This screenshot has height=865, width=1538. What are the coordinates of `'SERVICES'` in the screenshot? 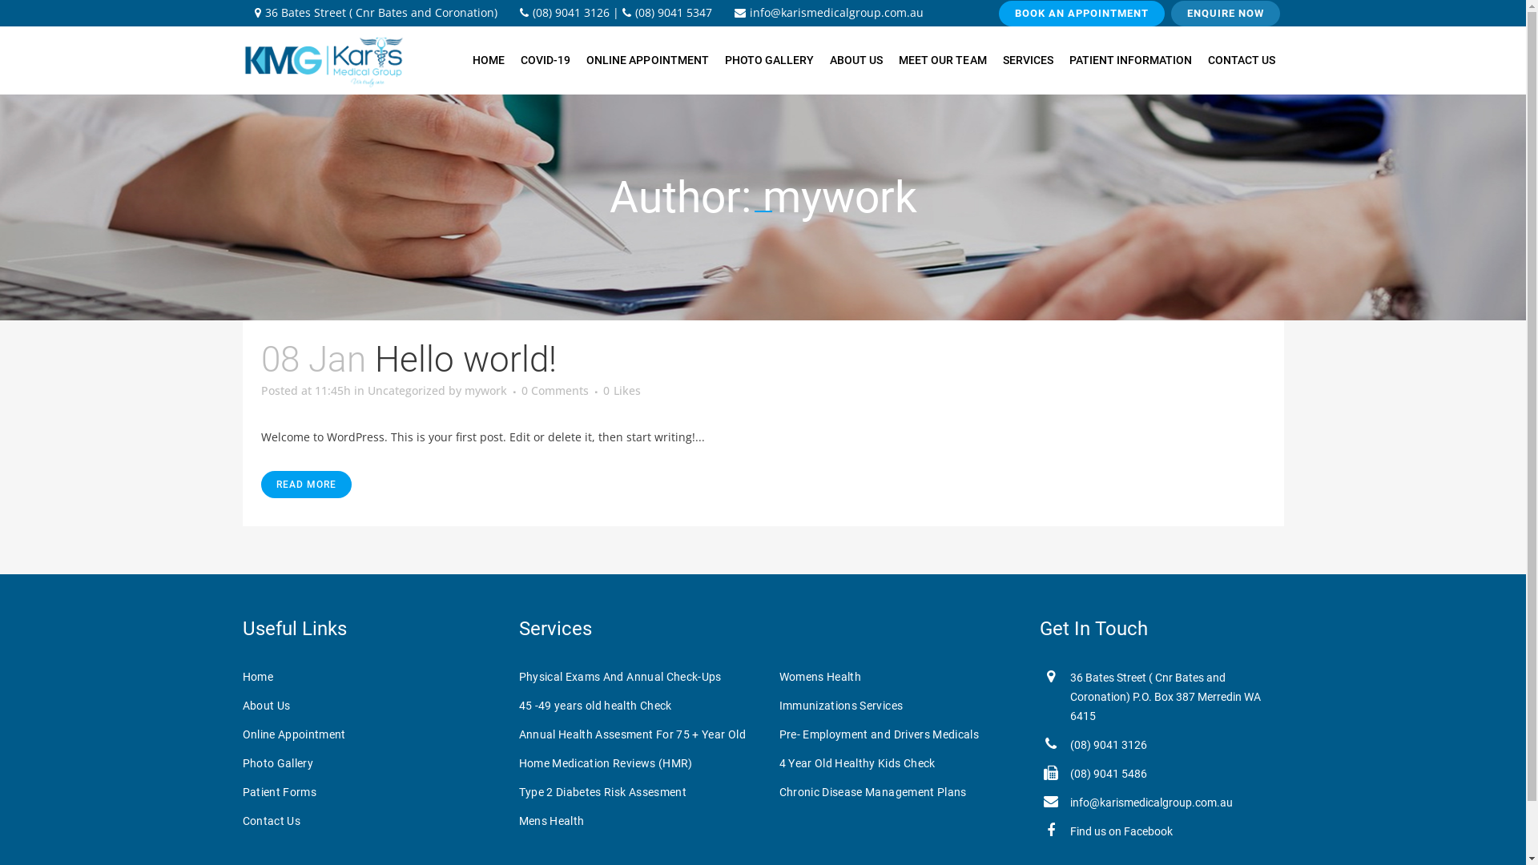 It's located at (1028, 59).